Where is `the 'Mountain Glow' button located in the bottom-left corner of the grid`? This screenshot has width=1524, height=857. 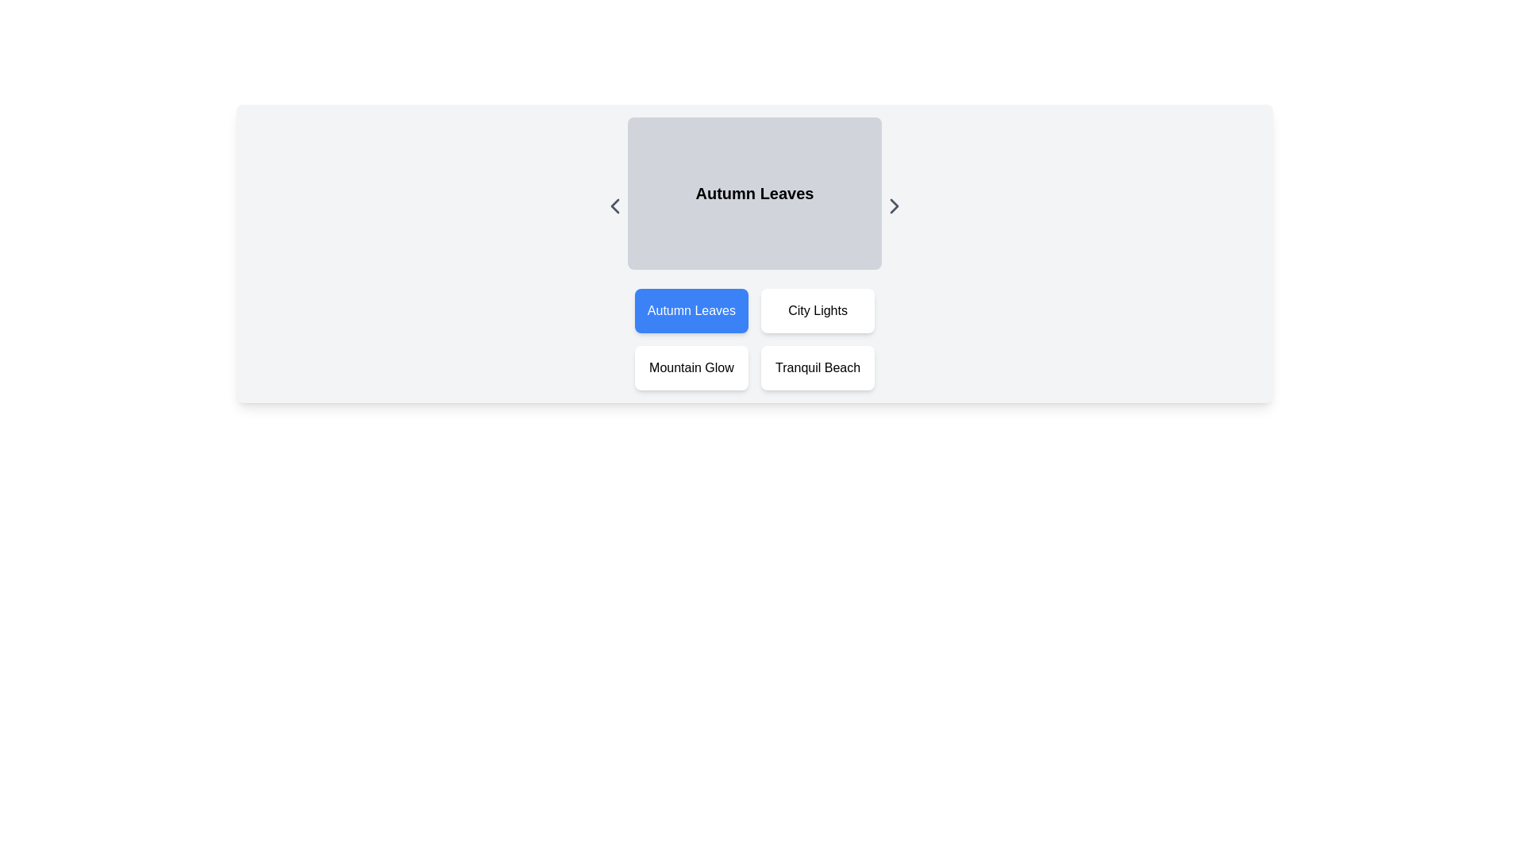 the 'Mountain Glow' button located in the bottom-left corner of the grid is located at coordinates (691, 367).